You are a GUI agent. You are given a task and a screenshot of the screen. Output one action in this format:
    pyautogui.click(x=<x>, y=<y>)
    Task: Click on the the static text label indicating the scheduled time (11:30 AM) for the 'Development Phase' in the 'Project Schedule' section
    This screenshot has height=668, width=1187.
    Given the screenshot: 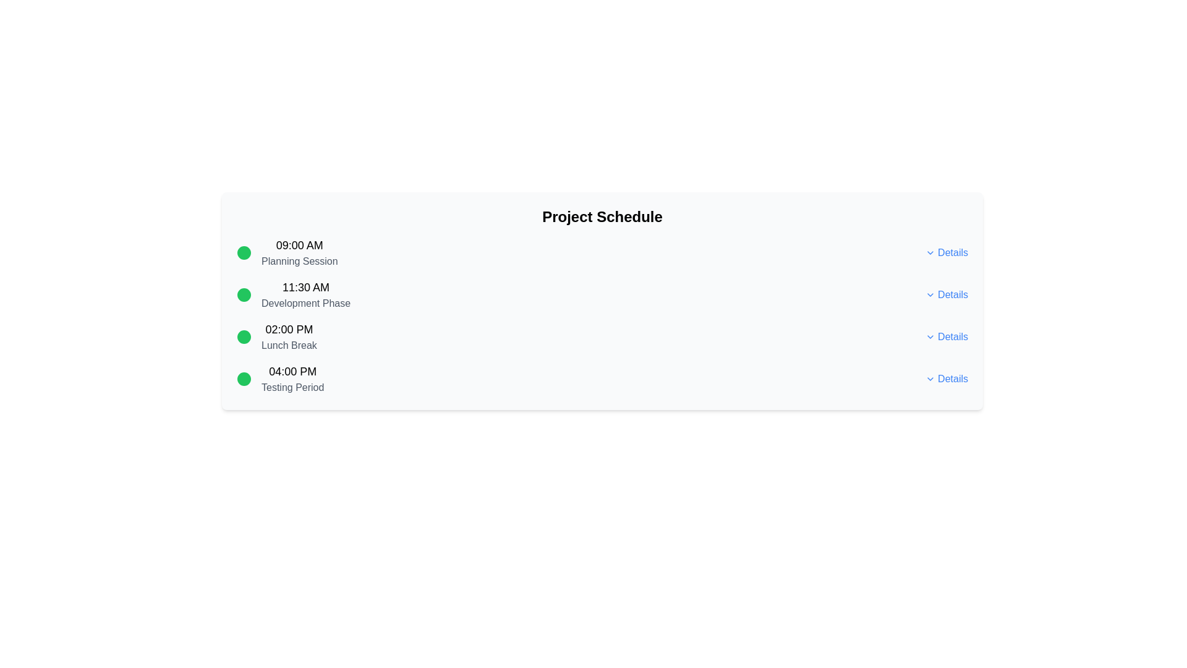 What is the action you would take?
    pyautogui.click(x=305, y=288)
    